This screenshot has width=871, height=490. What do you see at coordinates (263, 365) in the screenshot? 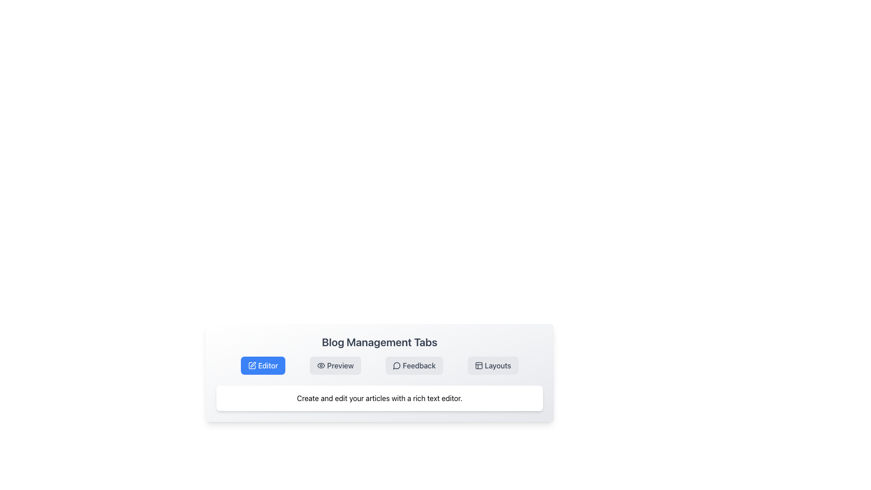
I see `the 'Editor' button, which is styled with a blue background and white text, located in the 'Blog Management Tabs' section as the first button in a horizontally aligned group` at bounding box center [263, 365].